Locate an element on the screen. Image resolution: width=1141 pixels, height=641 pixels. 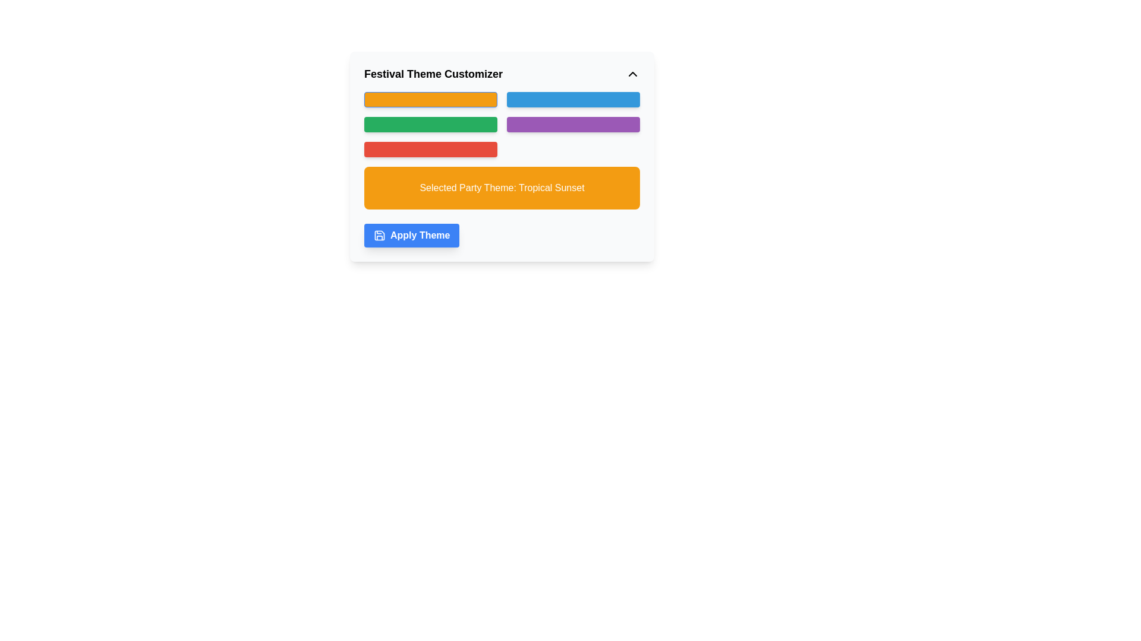
the interactive button that changes the theme to 'Crimson Tide', located at the bottom left corner of the grid, directly below 'Forest Whisper' is located at coordinates (430, 148).